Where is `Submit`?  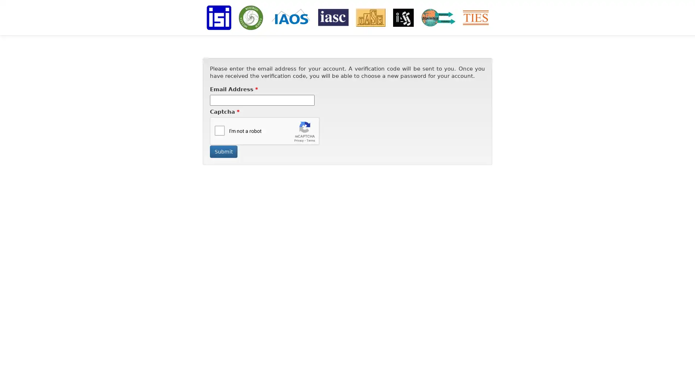 Submit is located at coordinates (223, 151).